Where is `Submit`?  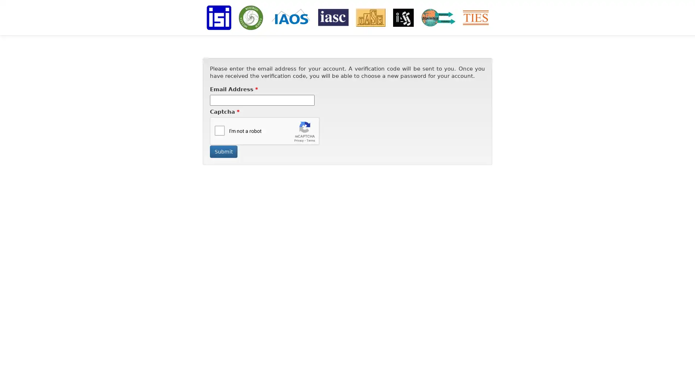 Submit is located at coordinates (223, 151).